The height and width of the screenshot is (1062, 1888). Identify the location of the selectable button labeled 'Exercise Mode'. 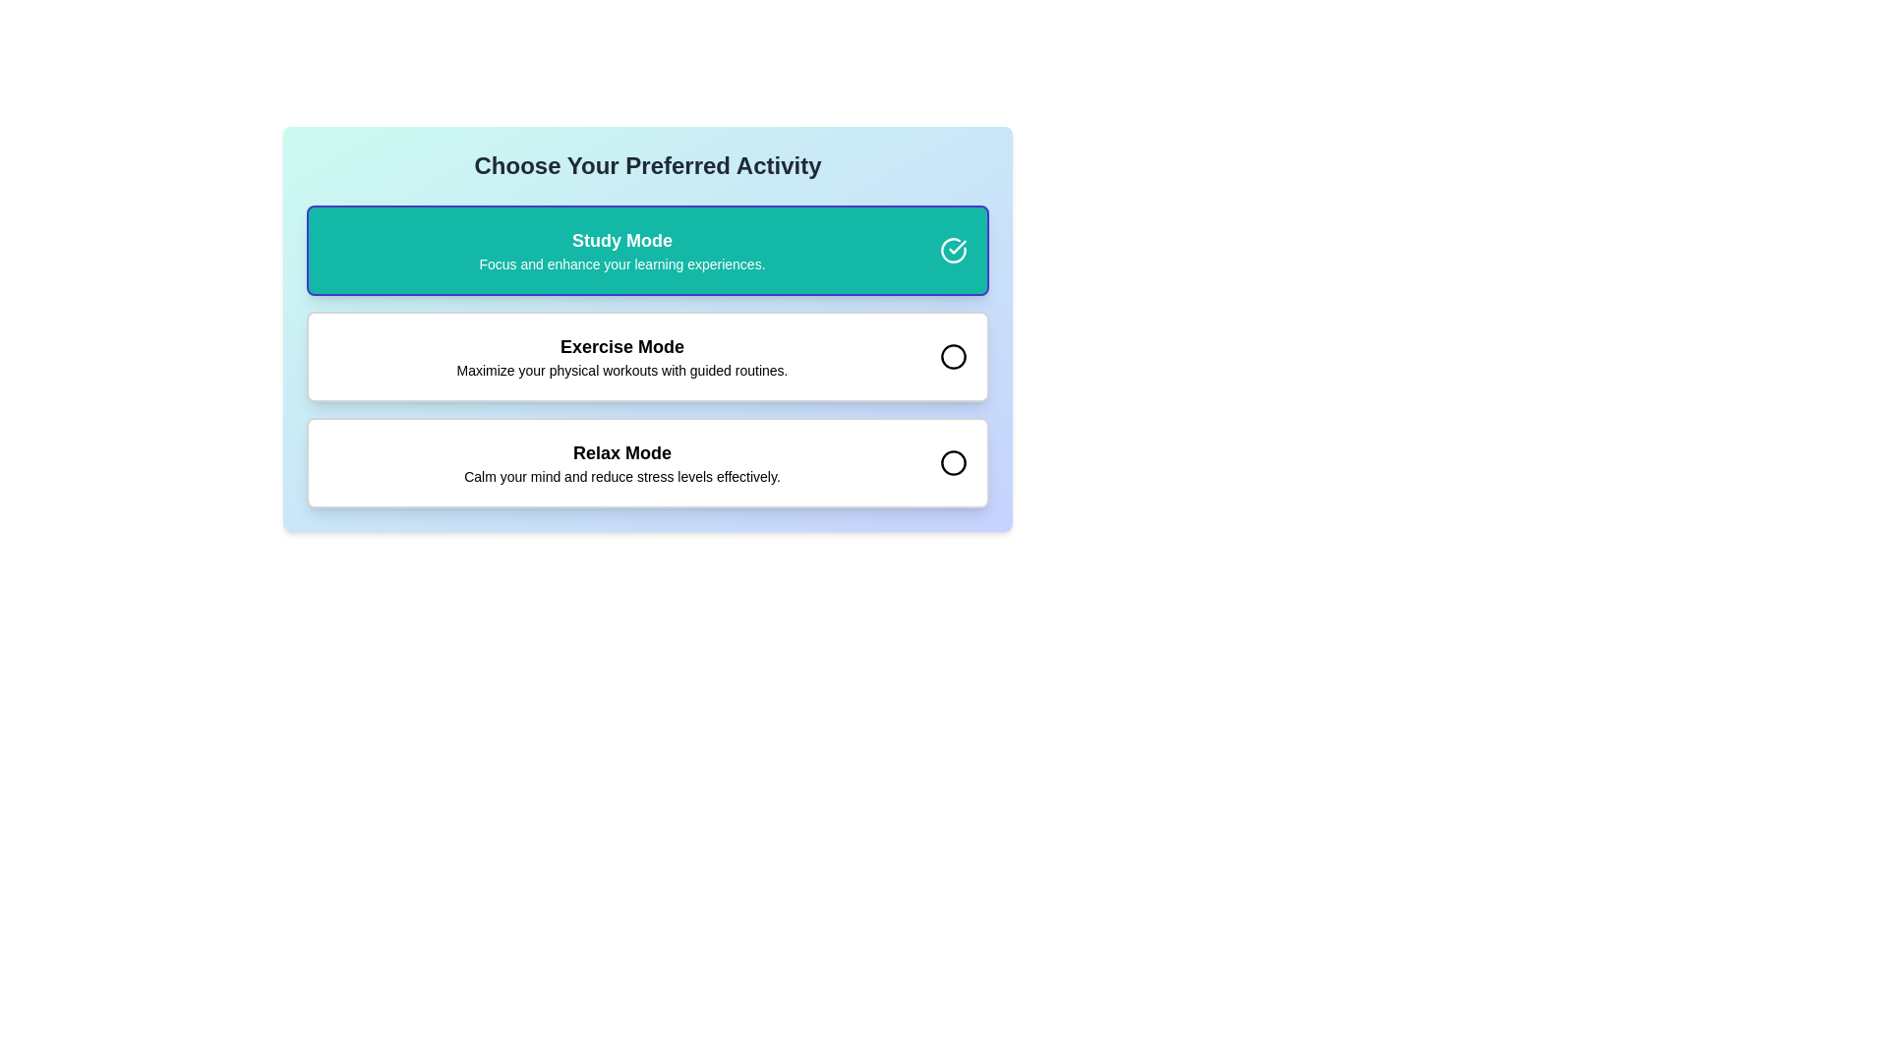
(647, 328).